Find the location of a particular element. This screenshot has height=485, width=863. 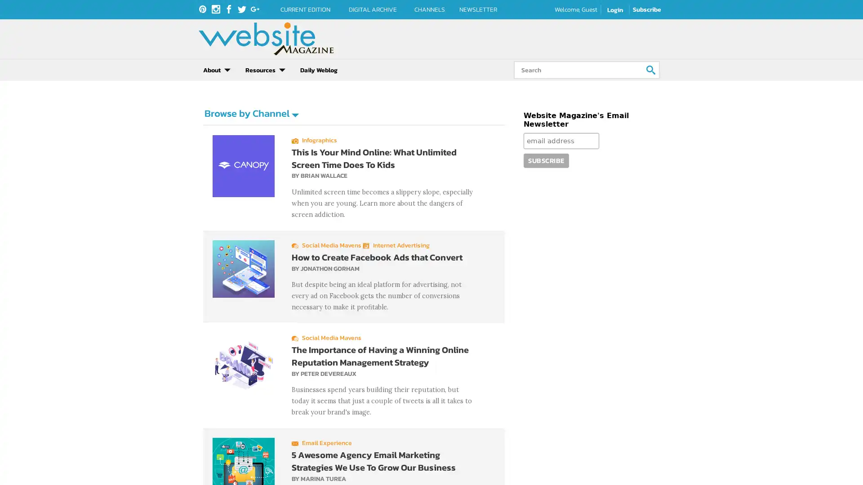

Subscribe is located at coordinates (545, 160).